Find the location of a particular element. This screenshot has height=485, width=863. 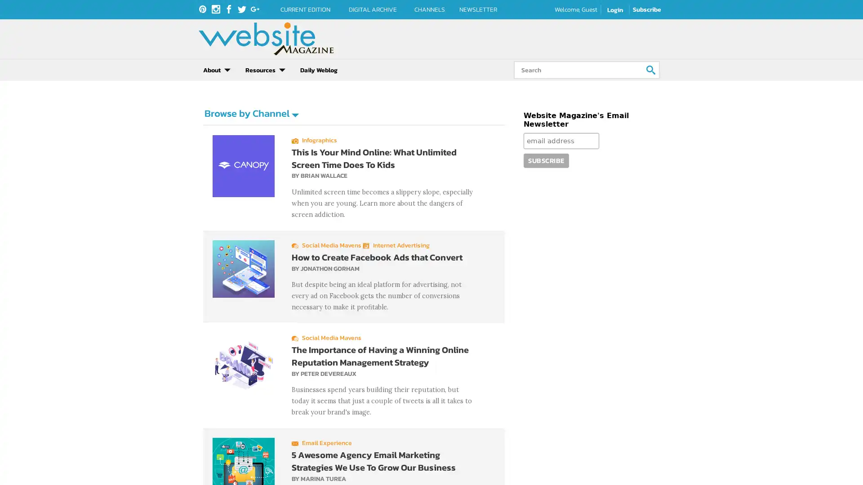

Subscribe is located at coordinates (545, 160).